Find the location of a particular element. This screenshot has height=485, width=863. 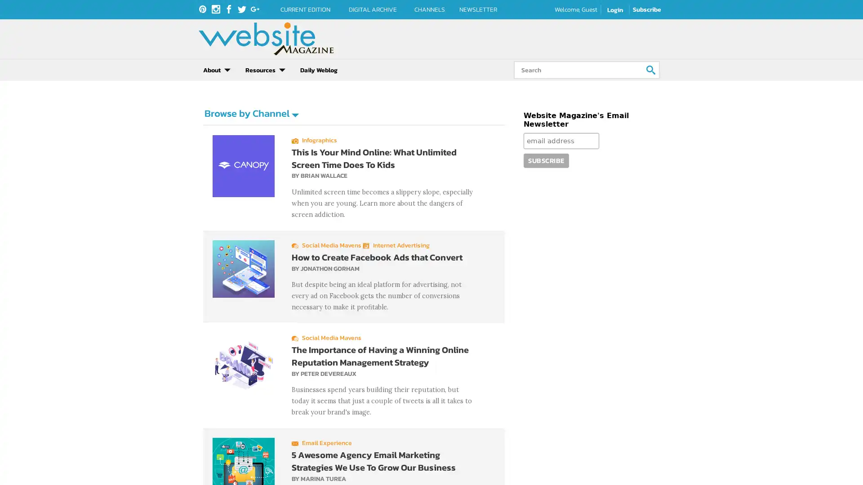

Subscribe is located at coordinates (545, 160).